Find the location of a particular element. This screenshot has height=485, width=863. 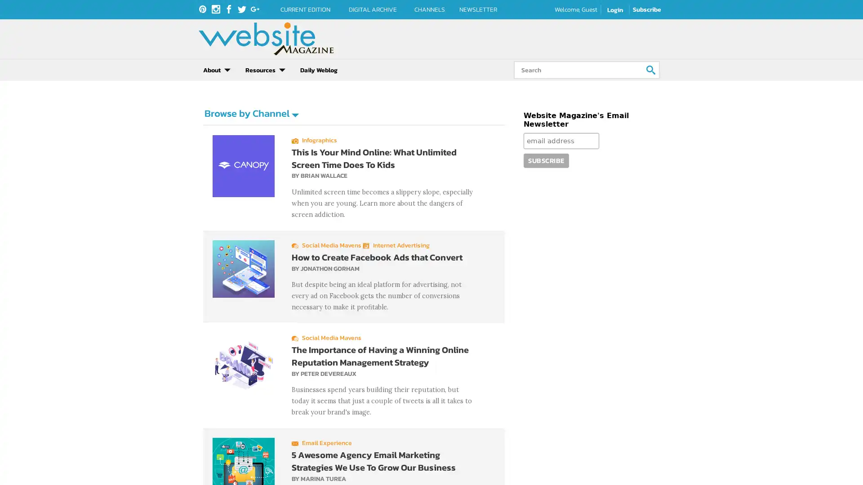

Subscribe is located at coordinates (545, 160).